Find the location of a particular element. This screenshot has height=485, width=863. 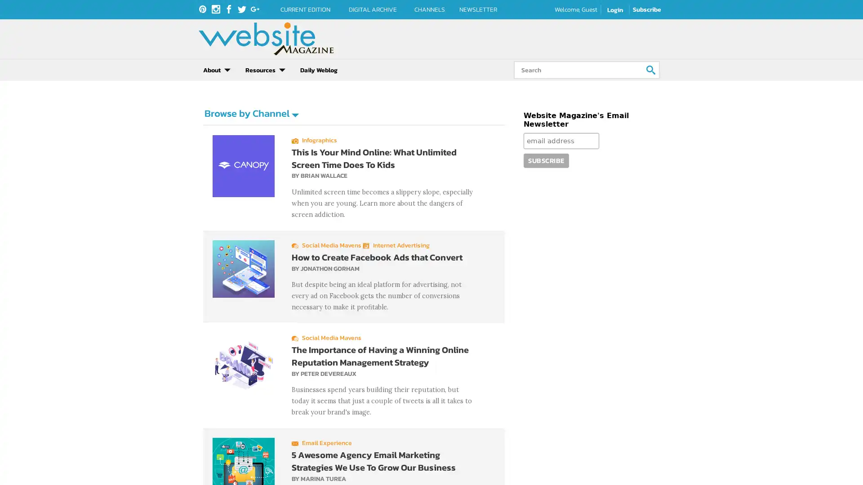

Subscribe is located at coordinates (545, 160).